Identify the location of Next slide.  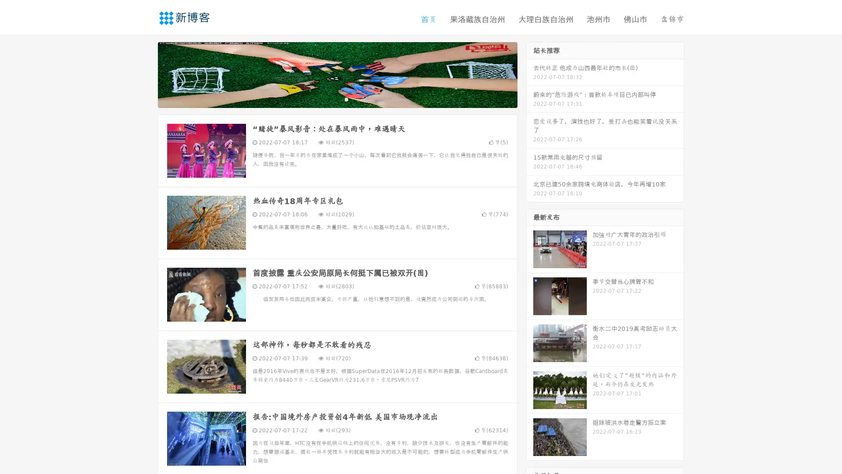
(530, 74).